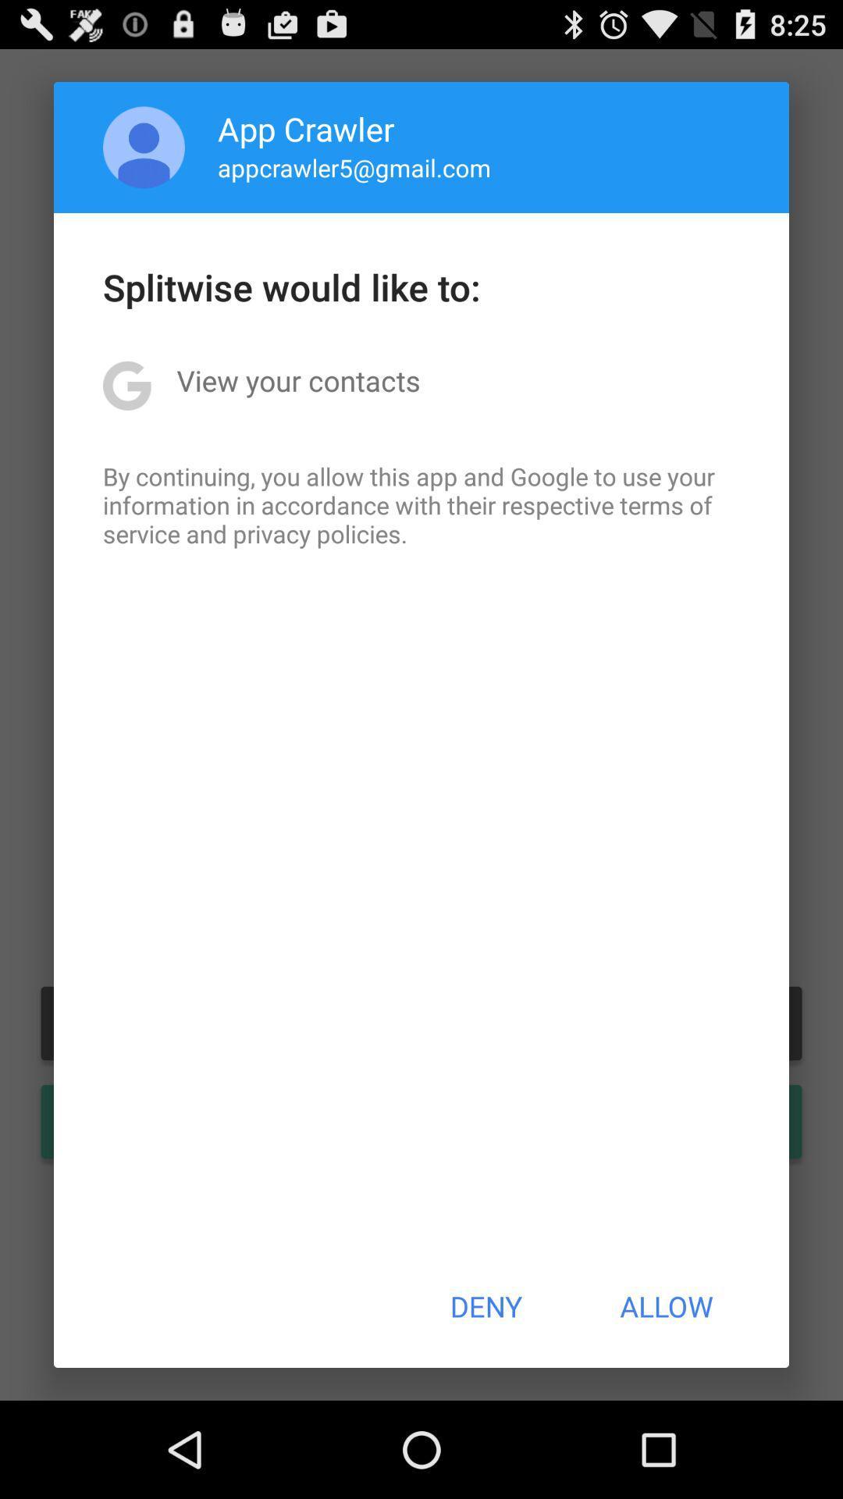 This screenshot has height=1499, width=843. What do you see at coordinates (144, 147) in the screenshot?
I see `the app to the left of the app crawler app` at bounding box center [144, 147].